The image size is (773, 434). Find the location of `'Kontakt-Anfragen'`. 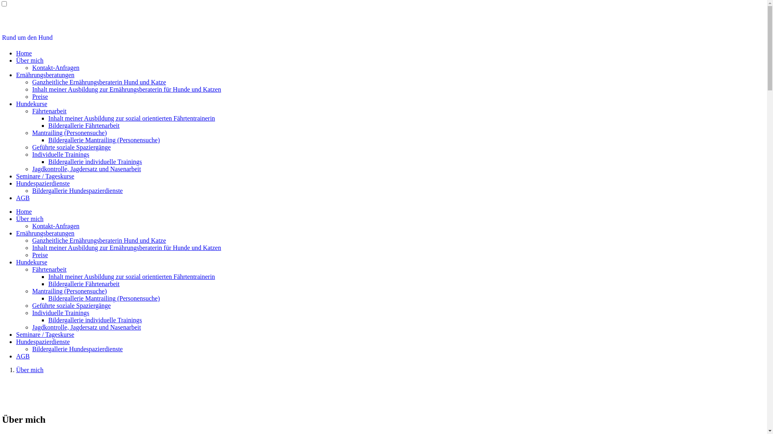

'Kontakt-Anfragen' is located at coordinates (55, 67).